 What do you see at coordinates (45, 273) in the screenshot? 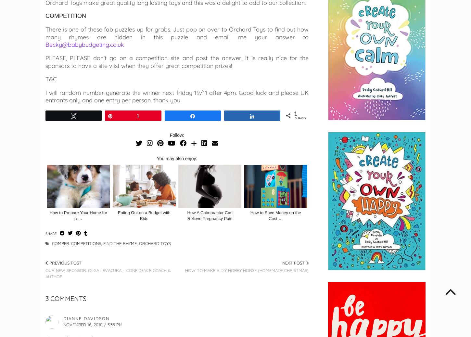
I see `'Our new sponsor: Olga Levacuka – Confidence Coach & Author'` at bounding box center [45, 273].